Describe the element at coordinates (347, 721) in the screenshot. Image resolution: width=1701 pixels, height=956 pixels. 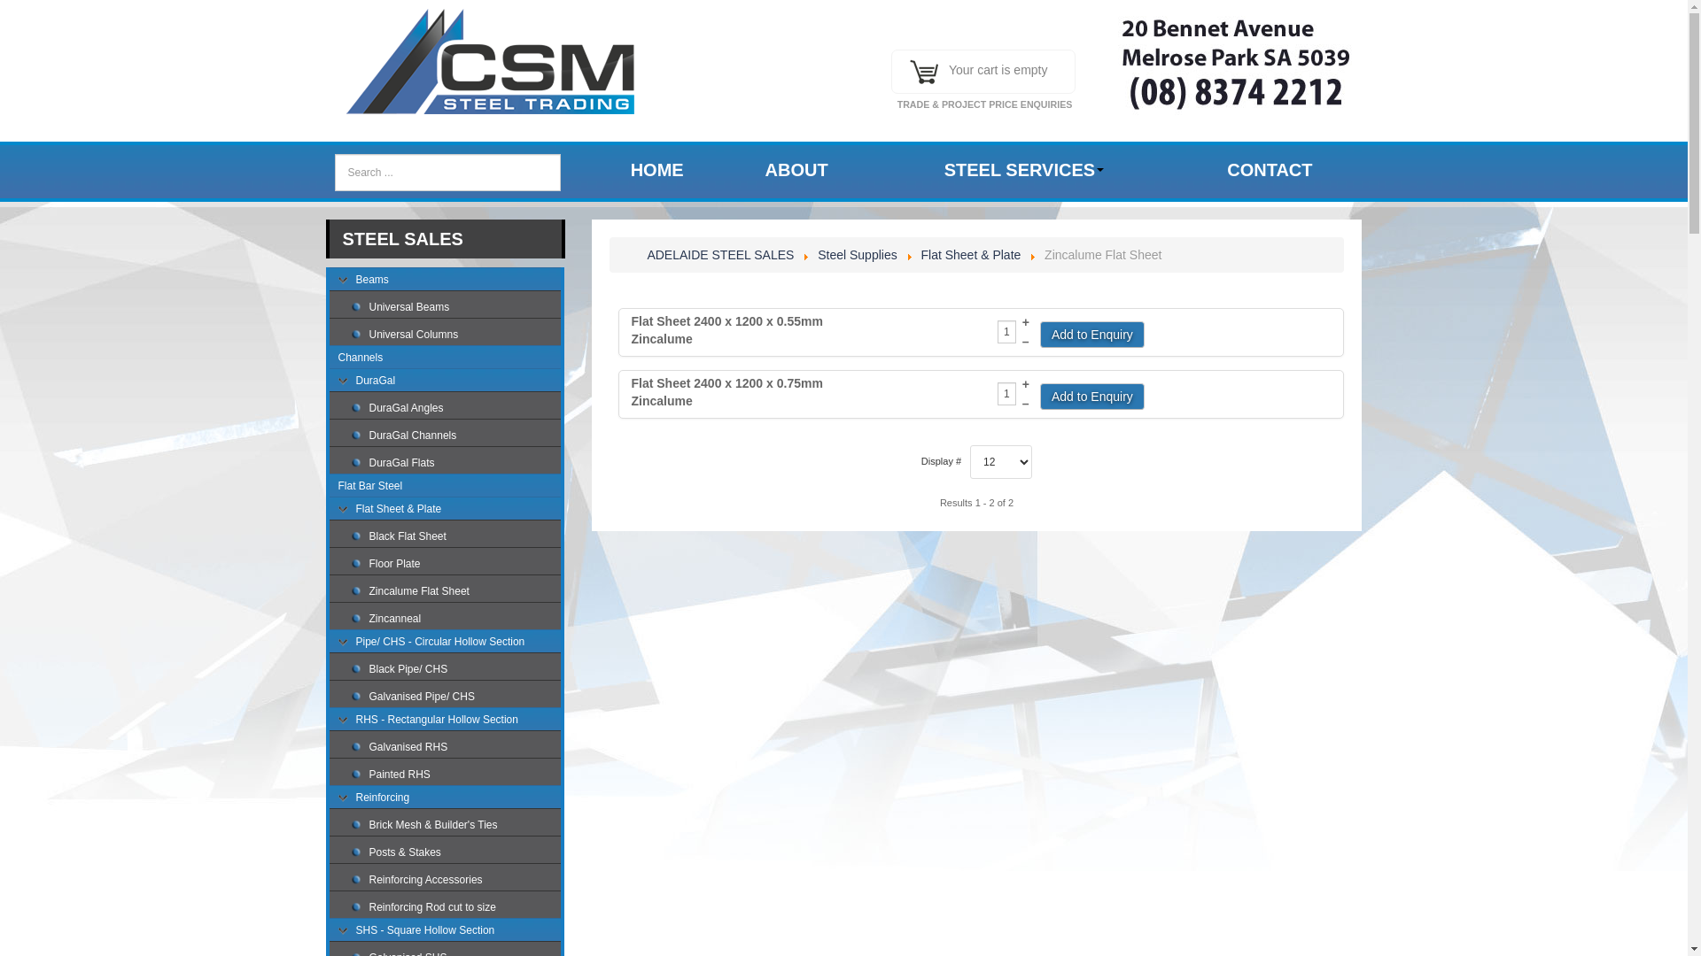
I see `'RHS - Rectangular Hollow Section'` at that location.